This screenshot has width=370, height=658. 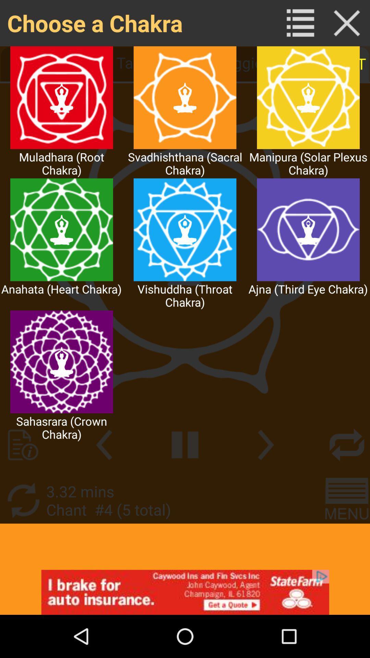 I want to click on the pause icon, so click(x=185, y=476).